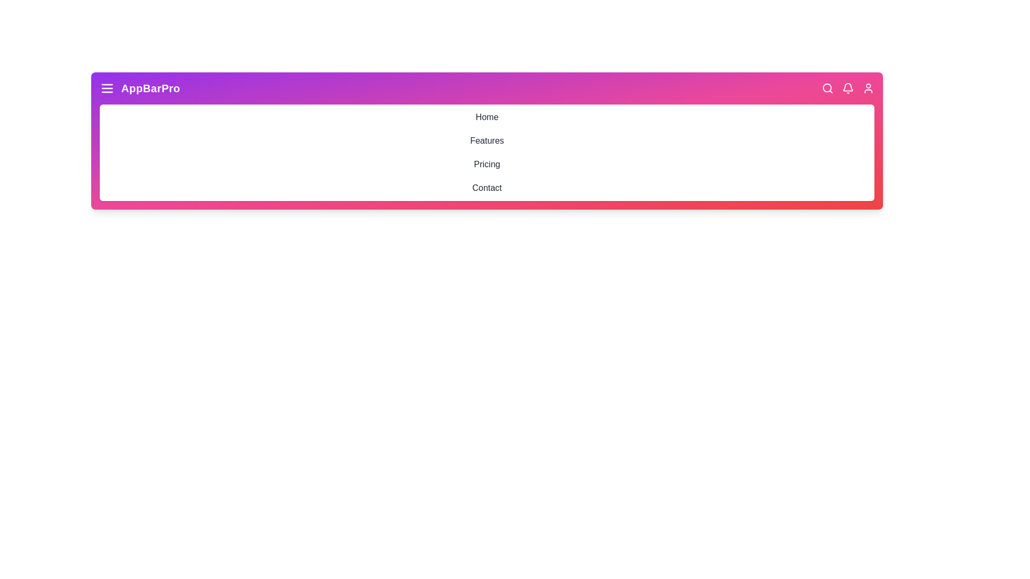 The image size is (1030, 579). I want to click on the navigation menu item Home, so click(486, 117).